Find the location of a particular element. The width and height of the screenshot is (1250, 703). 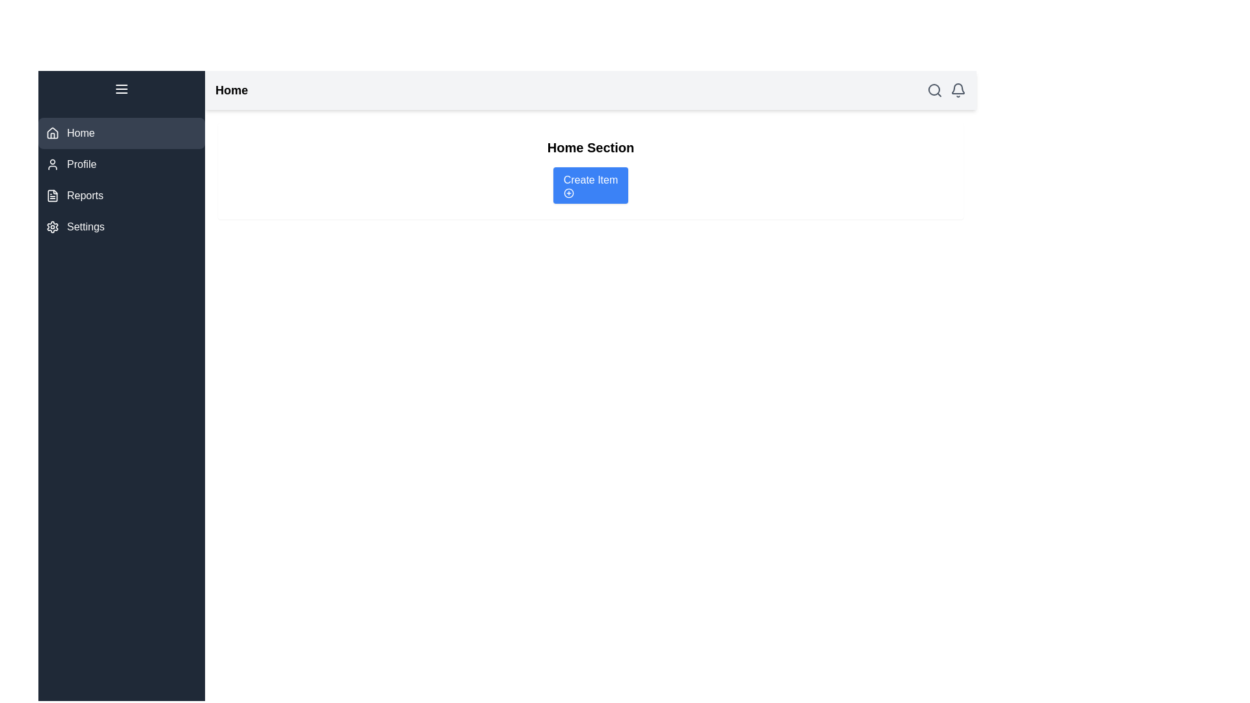

the 'Settings' text label in the sidebar navigation menu, which is located below the 'Reports' menu item and to the right of the gear icon is located at coordinates (85, 226).